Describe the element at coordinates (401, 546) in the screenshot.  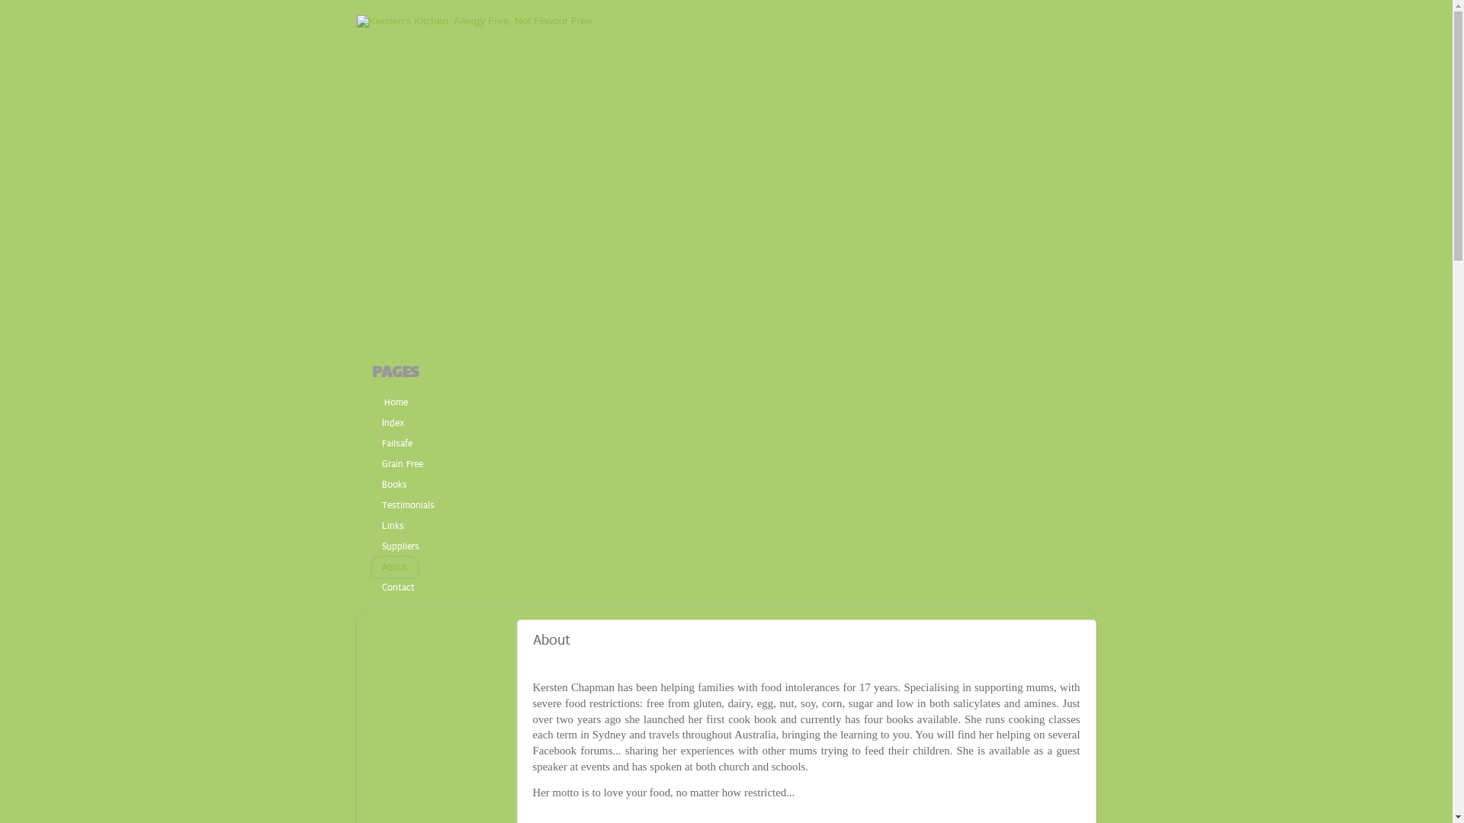
I see `'Suppliers'` at that location.